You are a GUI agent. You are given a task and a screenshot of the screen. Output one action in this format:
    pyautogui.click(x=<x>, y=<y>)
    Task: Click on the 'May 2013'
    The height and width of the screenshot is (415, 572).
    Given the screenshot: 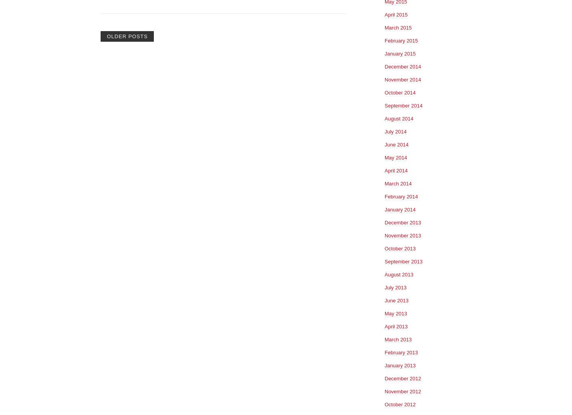 What is the action you would take?
    pyautogui.click(x=384, y=313)
    